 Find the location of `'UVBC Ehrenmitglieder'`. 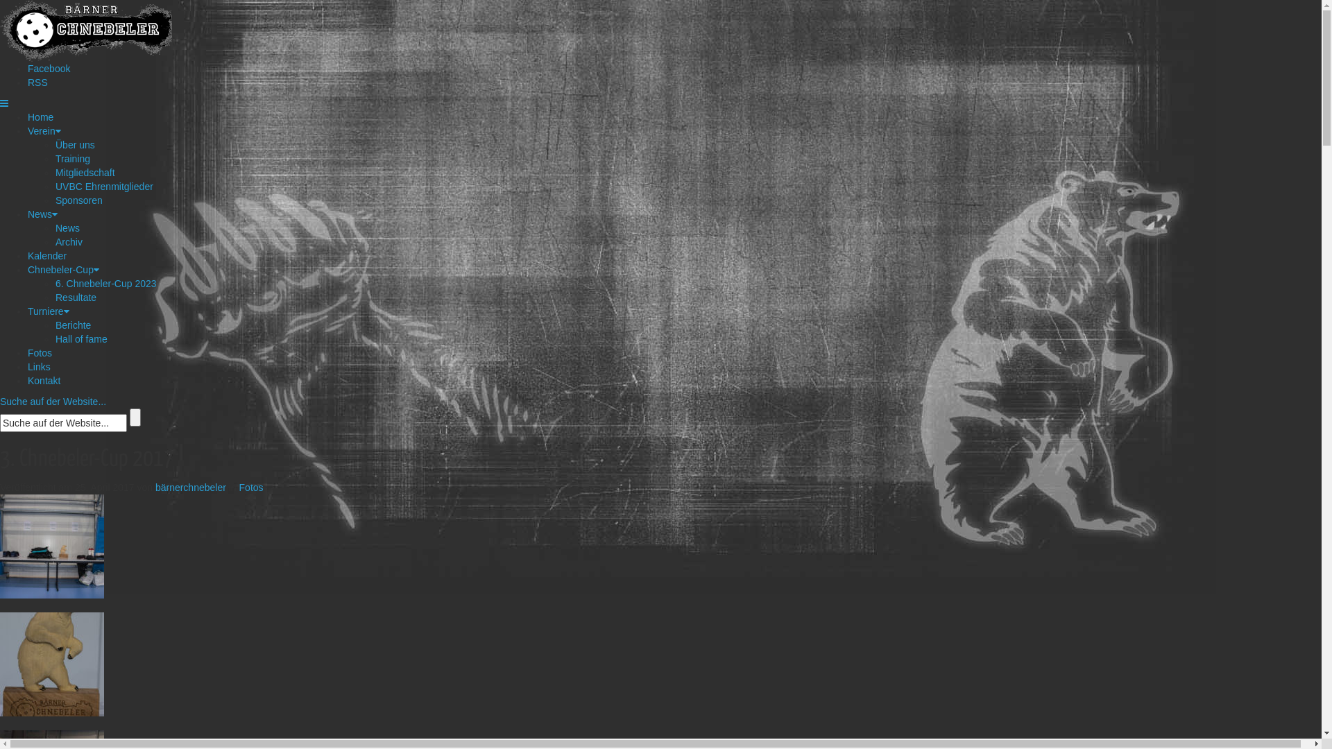

'UVBC Ehrenmitglieder' is located at coordinates (55, 186).